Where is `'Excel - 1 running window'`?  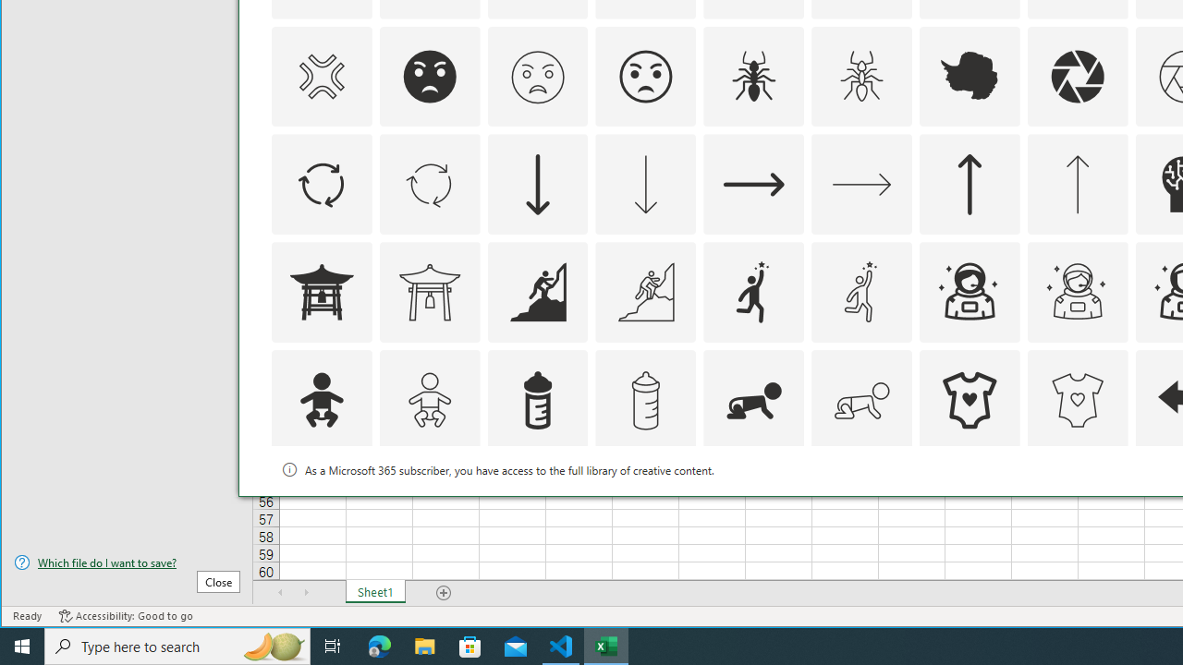
'Excel - 1 running window' is located at coordinates (606, 645).